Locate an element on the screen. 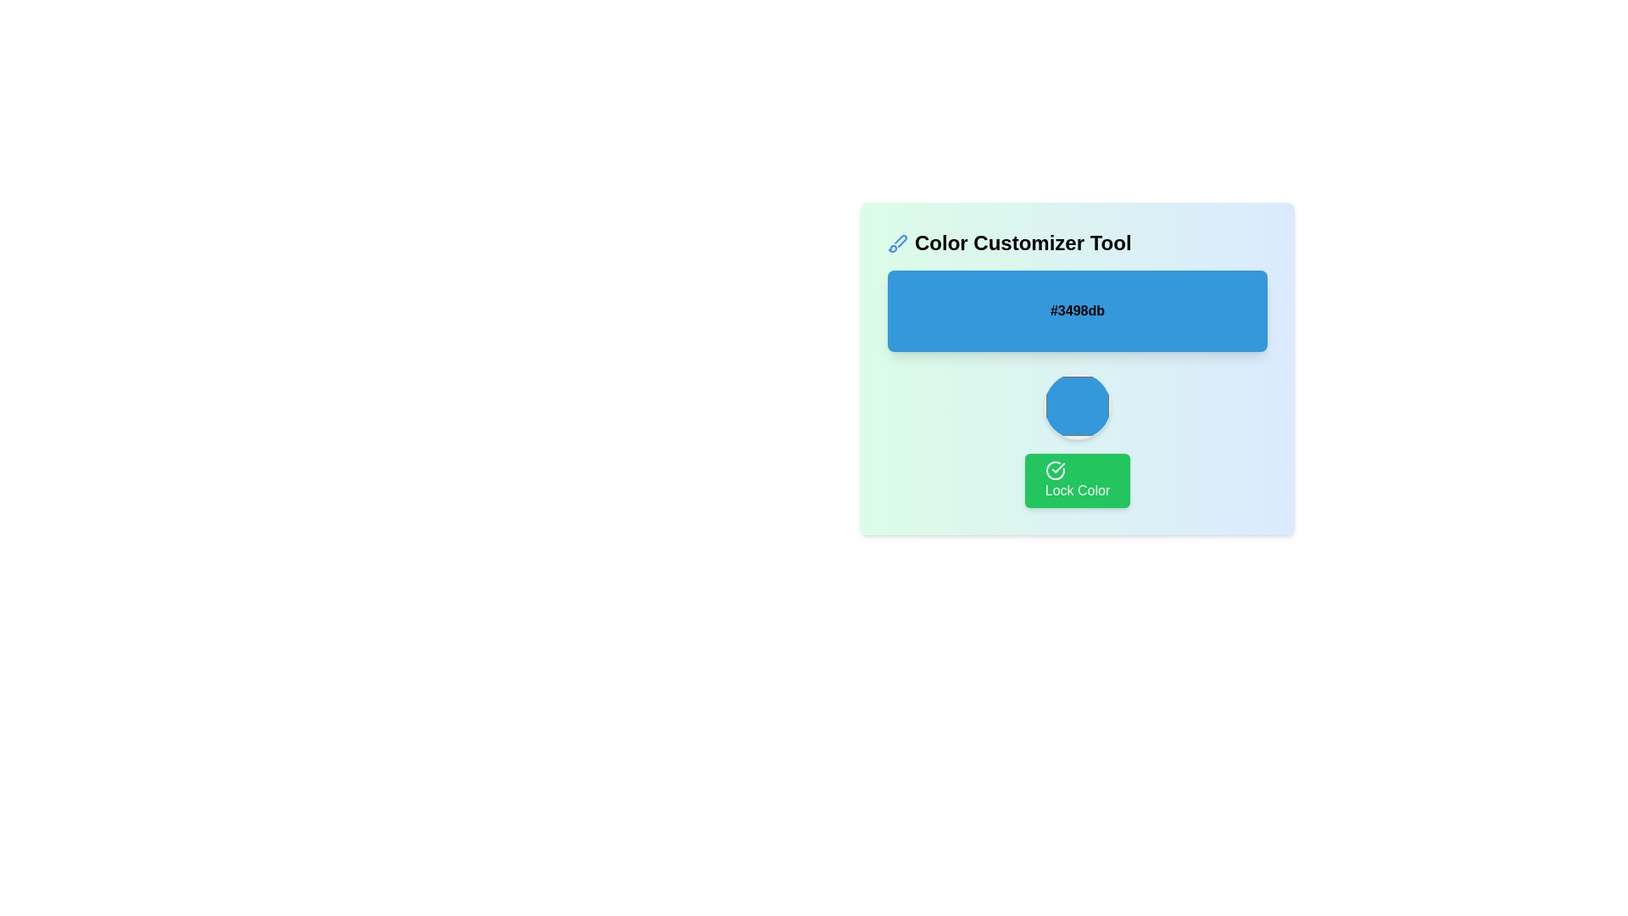  the rectangular blue text box displaying the color code '#3498db', located below the 'Color Customizer Tool' text and above the circular color selector is located at coordinates (1077, 310).